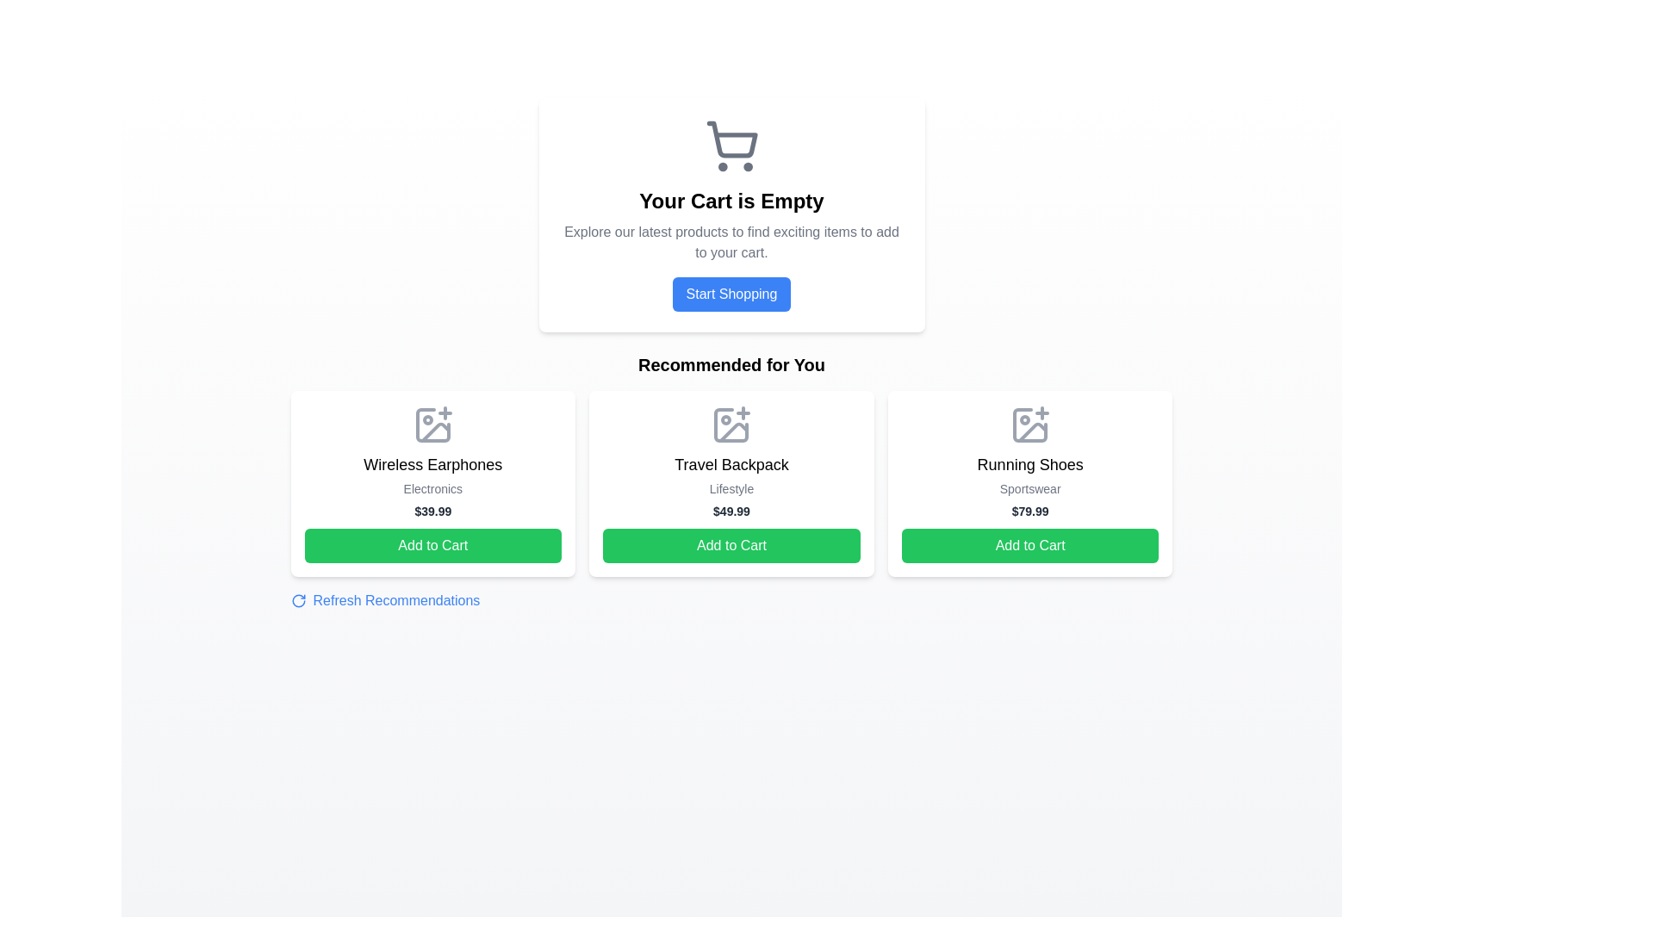 The width and height of the screenshot is (1654, 930). I want to click on the SVG-based icon representing the Travel Backpack located in the top-left corner of its card under the 'Recommended for You' section, so click(731, 425).